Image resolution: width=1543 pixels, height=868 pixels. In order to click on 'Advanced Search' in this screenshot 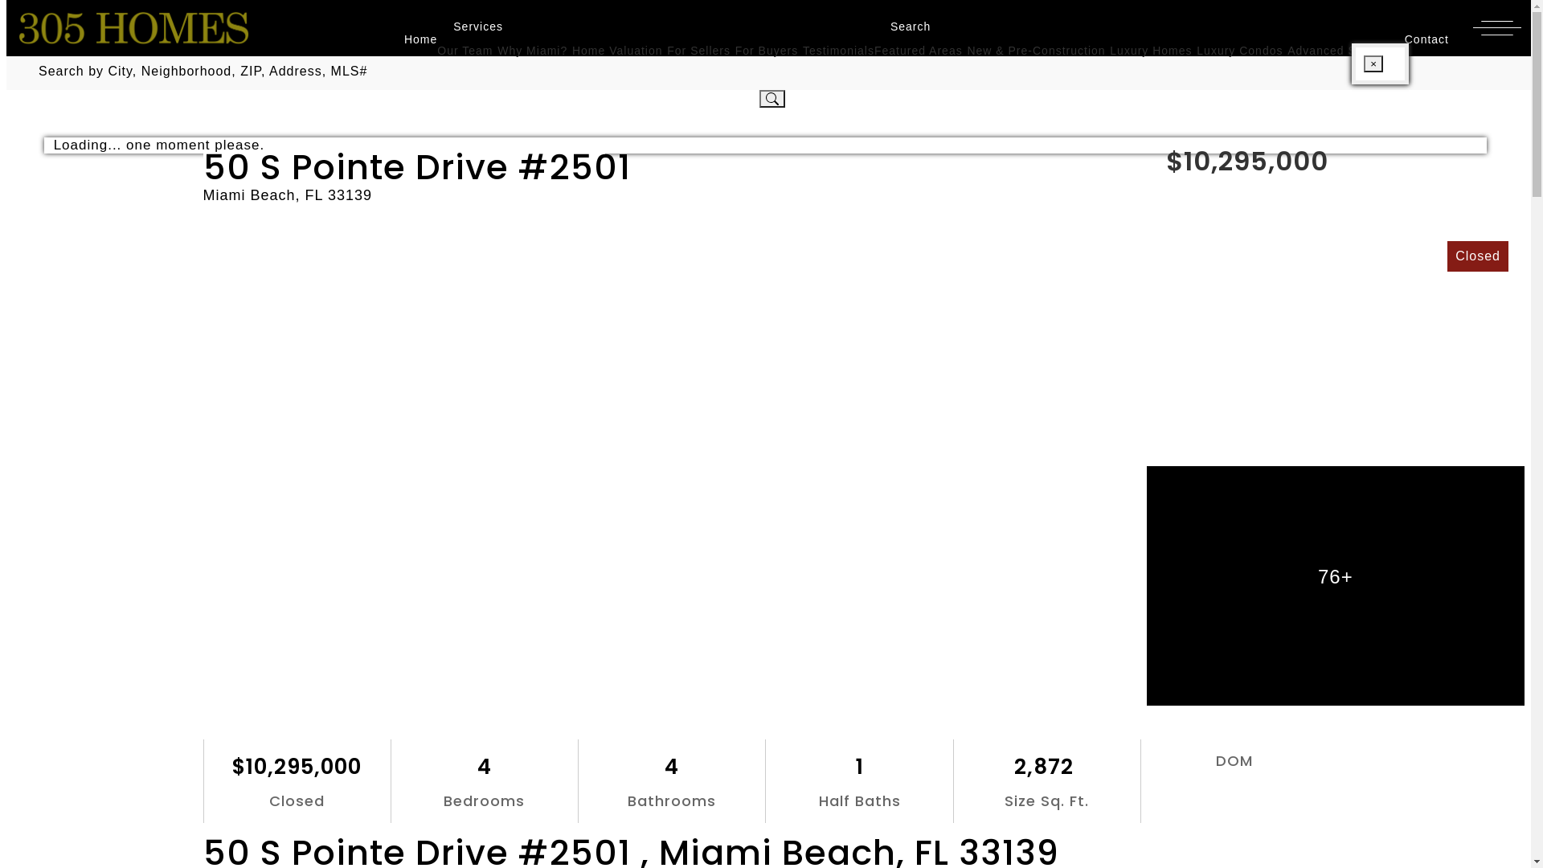, I will do `click(1338, 49)`.